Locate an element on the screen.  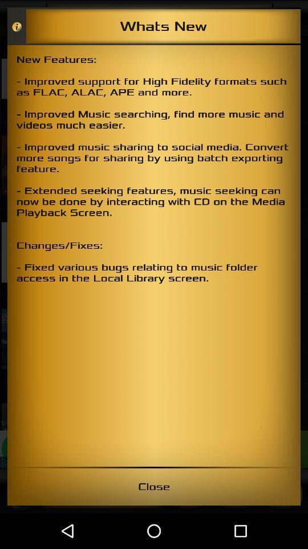
the close item is located at coordinates (154, 486).